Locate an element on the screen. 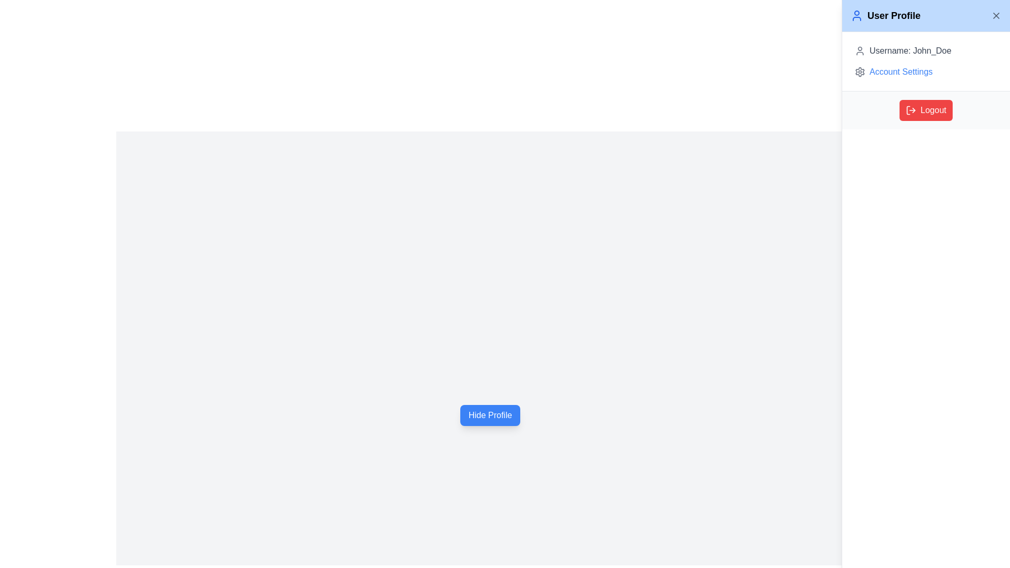  the gear-shaped icon located to the left of the blue 'Account Settings' text in the user profile sidebar is located at coordinates (860, 72).